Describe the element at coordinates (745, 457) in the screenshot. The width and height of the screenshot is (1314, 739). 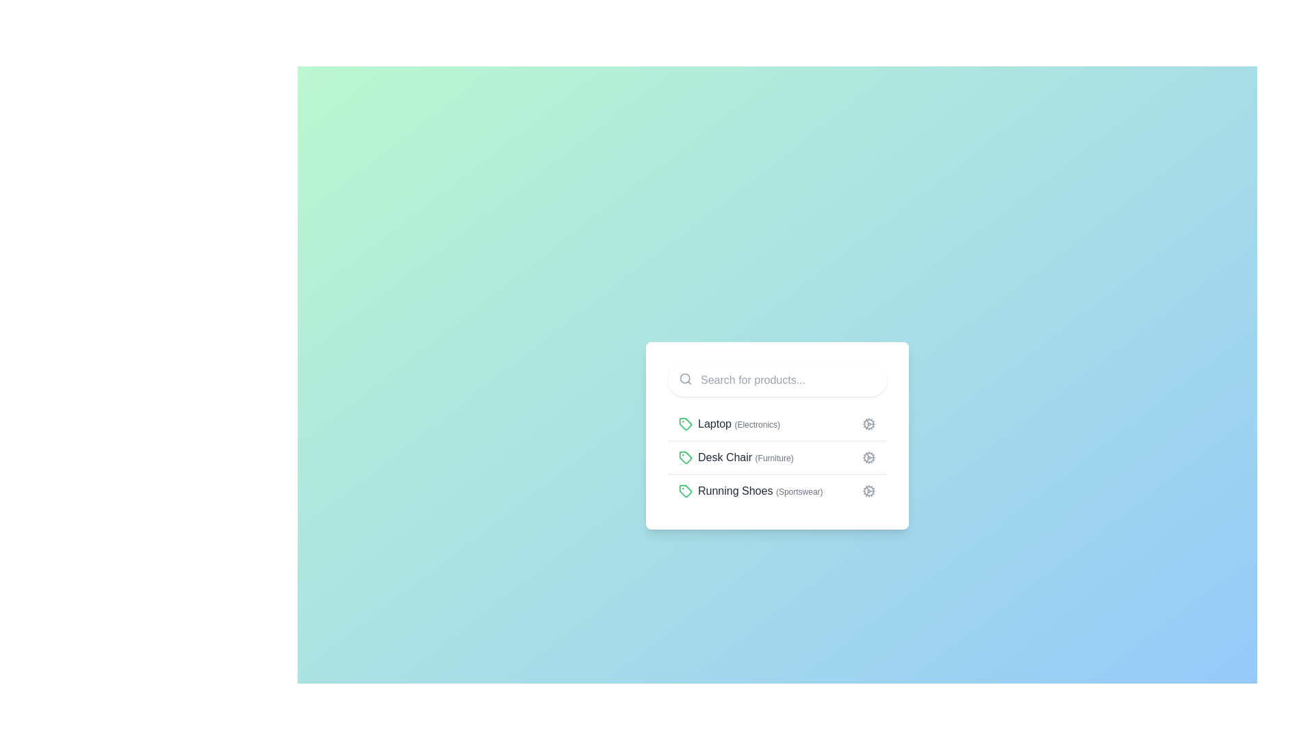
I see `the text label displaying 'Desk Chair (Furniture)', which is the second item in a vertical list` at that location.